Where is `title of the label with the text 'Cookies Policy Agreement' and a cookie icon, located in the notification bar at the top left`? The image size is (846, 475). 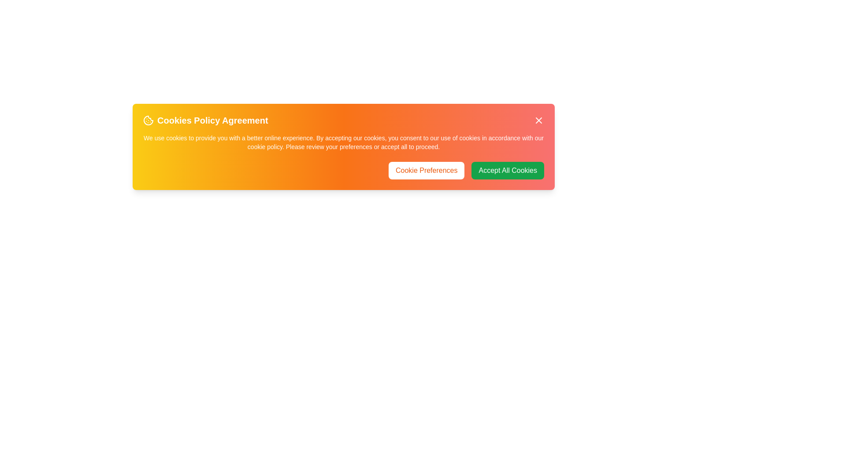 title of the label with the text 'Cookies Policy Agreement' and a cookie icon, located in the notification bar at the top left is located at coordinates (205, 120).